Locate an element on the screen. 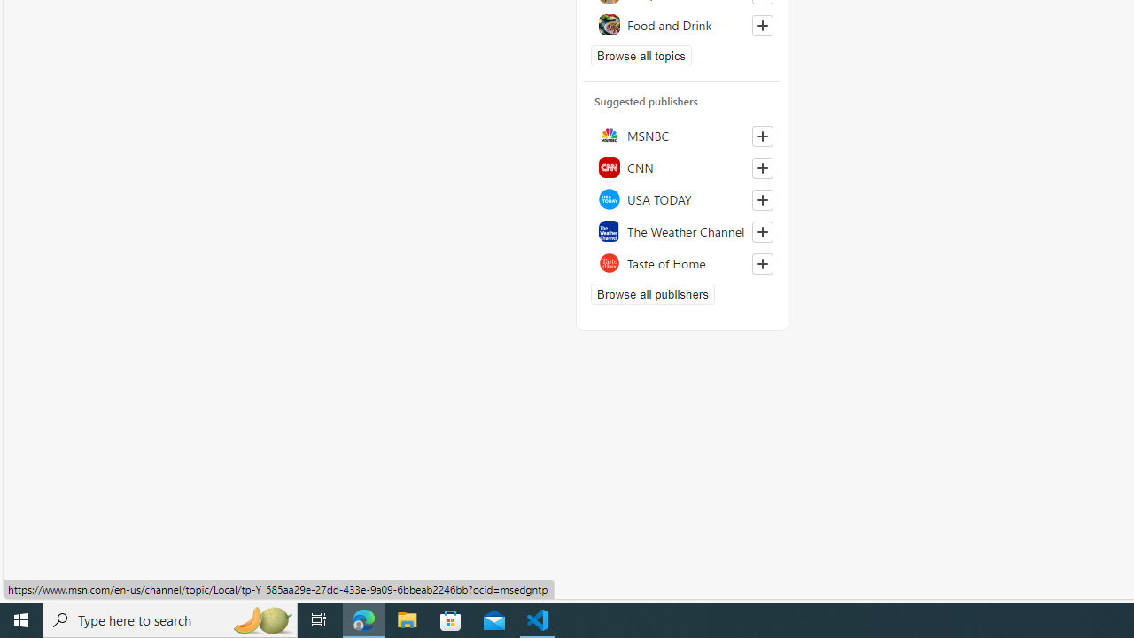 The width and height of the screenshot is (1134, 638). 'Browse all topics' is located at coordinates (641, 54).